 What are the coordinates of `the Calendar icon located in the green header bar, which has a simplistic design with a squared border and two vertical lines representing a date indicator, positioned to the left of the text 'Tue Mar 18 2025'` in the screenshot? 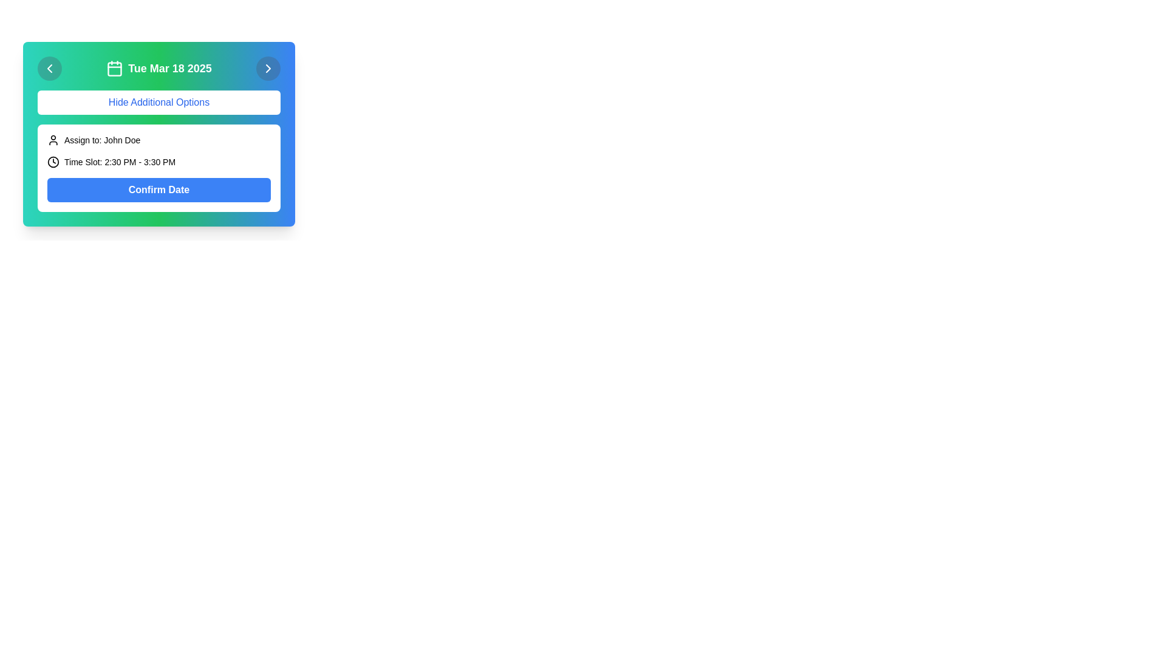 It's located at (115, 68).